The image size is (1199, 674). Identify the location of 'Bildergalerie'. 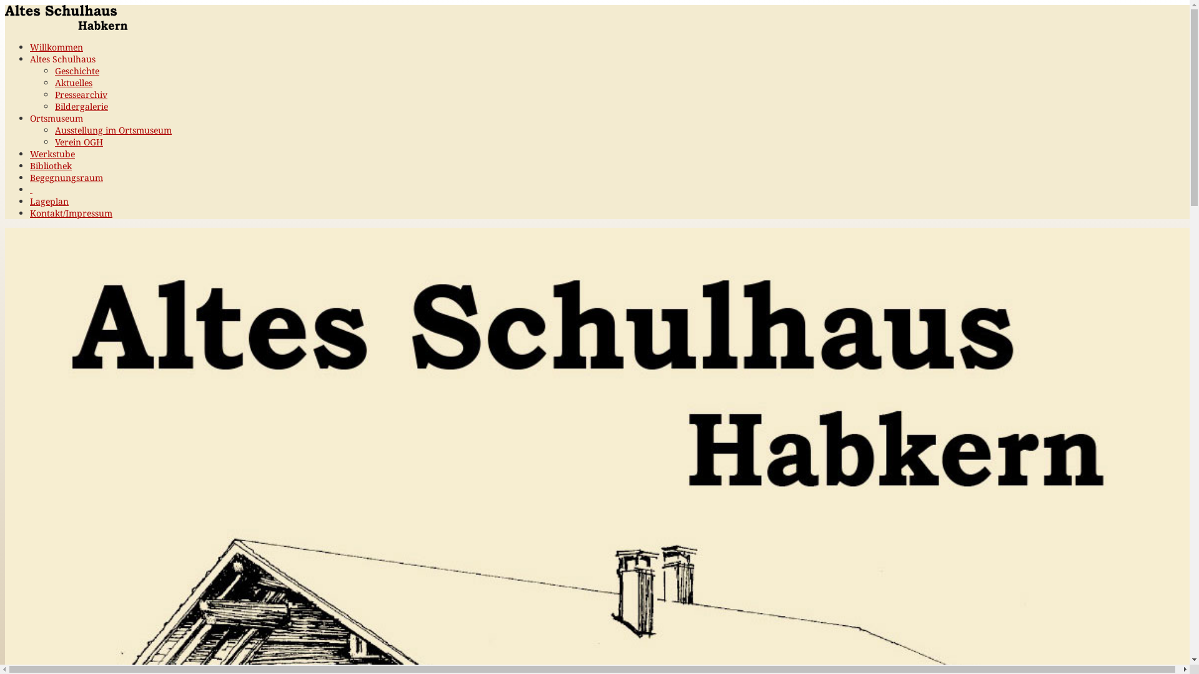
(81, 105).